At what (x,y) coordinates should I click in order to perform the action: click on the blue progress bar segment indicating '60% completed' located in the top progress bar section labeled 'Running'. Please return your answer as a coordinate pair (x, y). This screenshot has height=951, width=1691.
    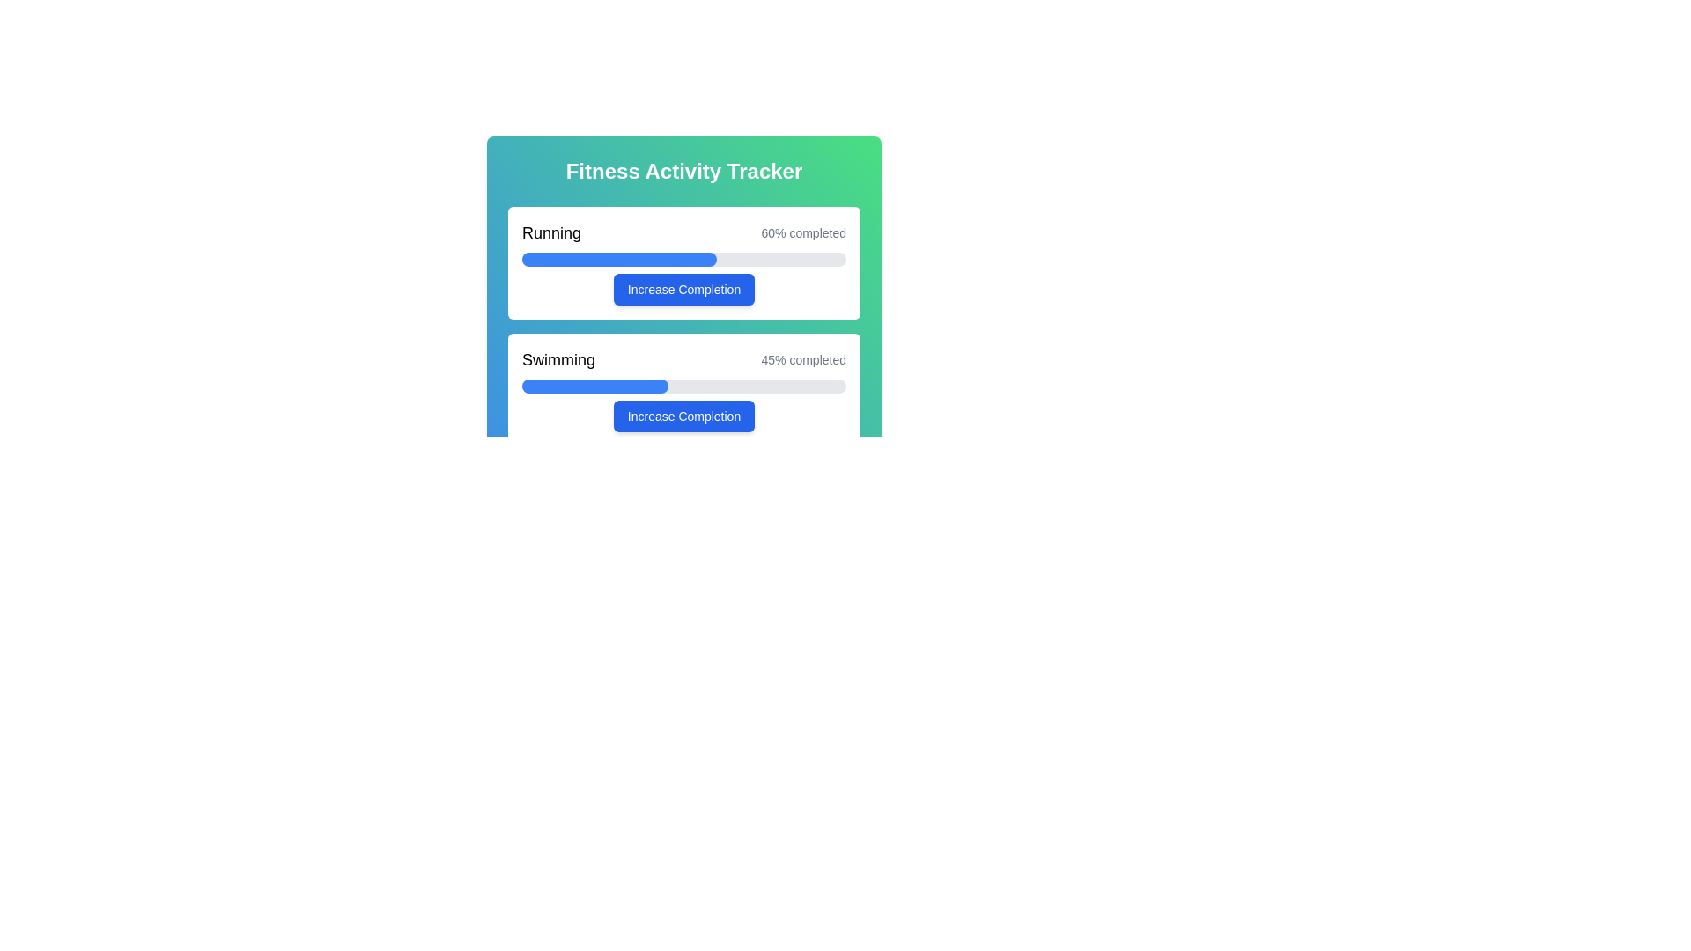
    Looking at the image, I should click on (619, 259).